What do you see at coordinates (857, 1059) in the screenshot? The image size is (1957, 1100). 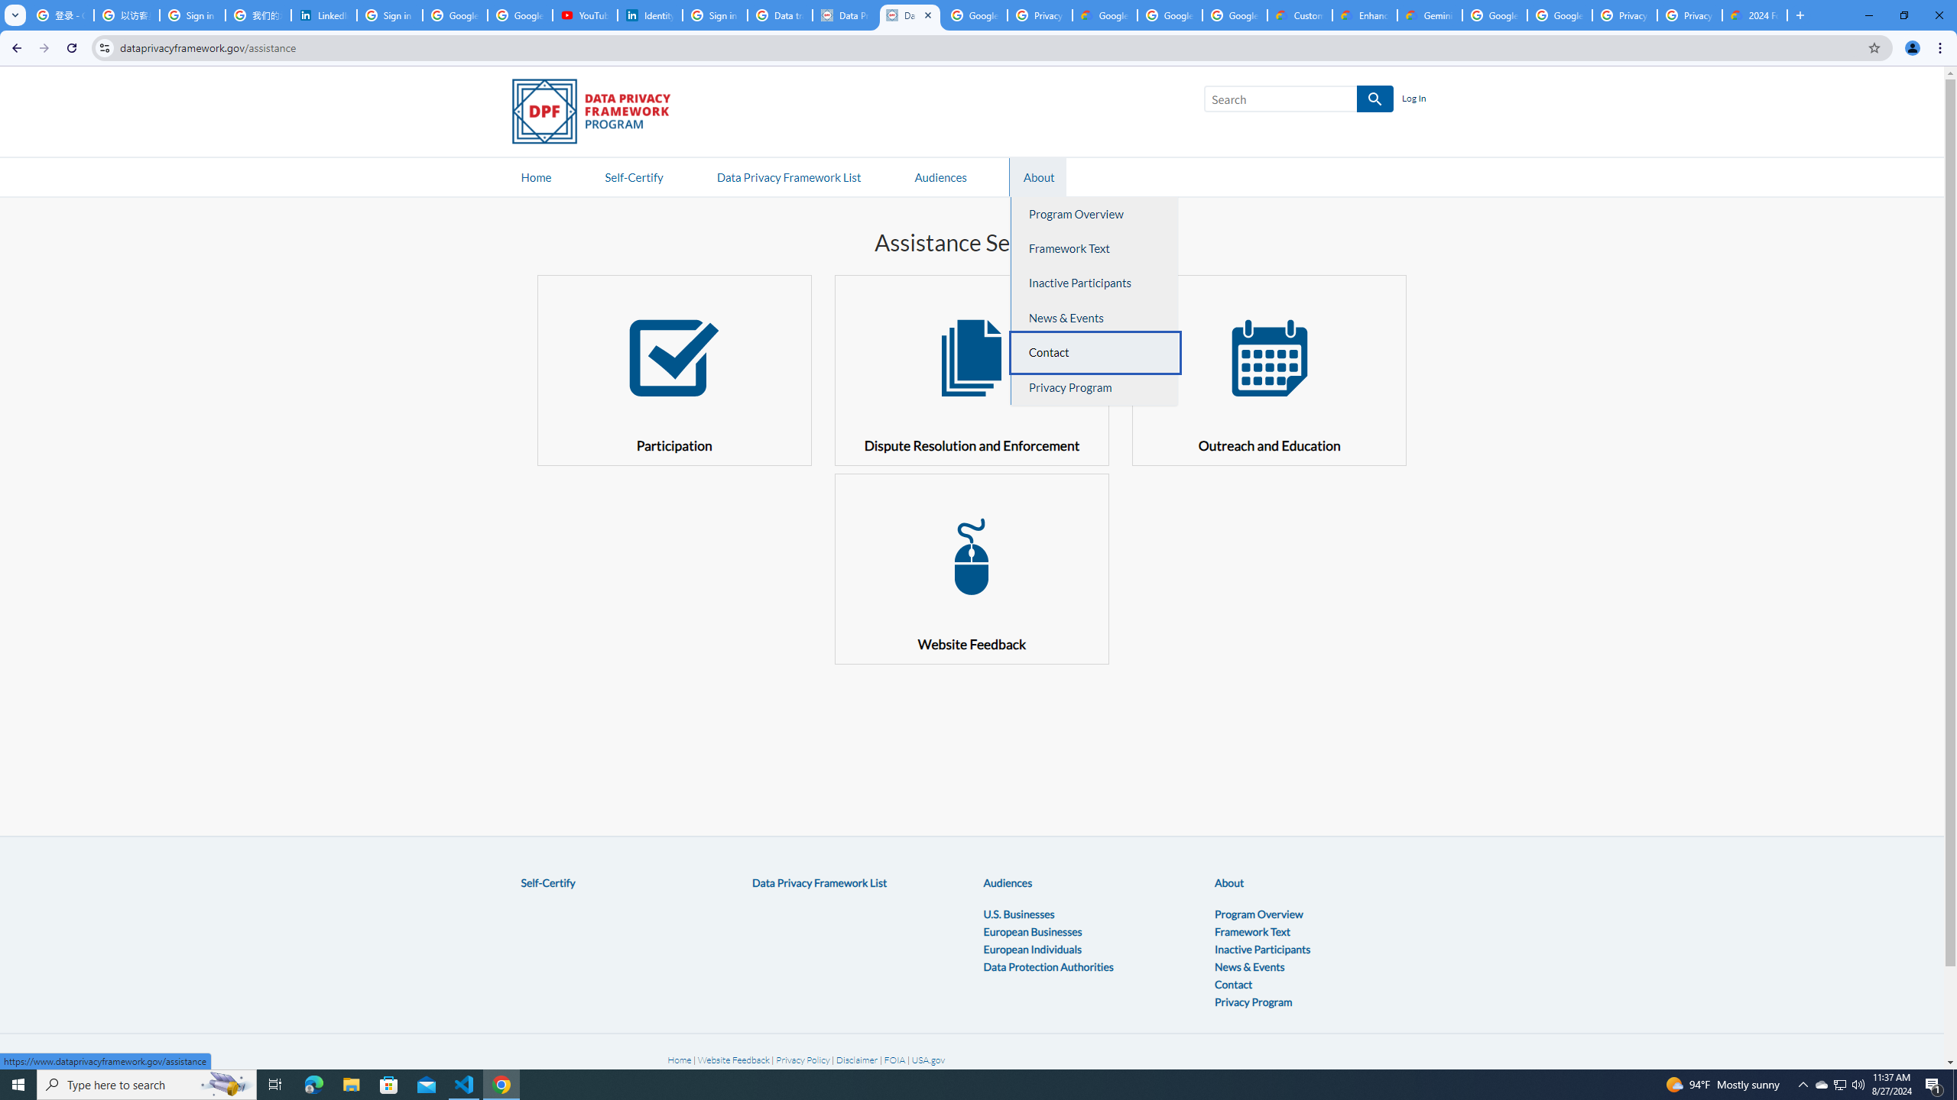 I see `'Disclaimer'` at bounding box center [857, 1059].